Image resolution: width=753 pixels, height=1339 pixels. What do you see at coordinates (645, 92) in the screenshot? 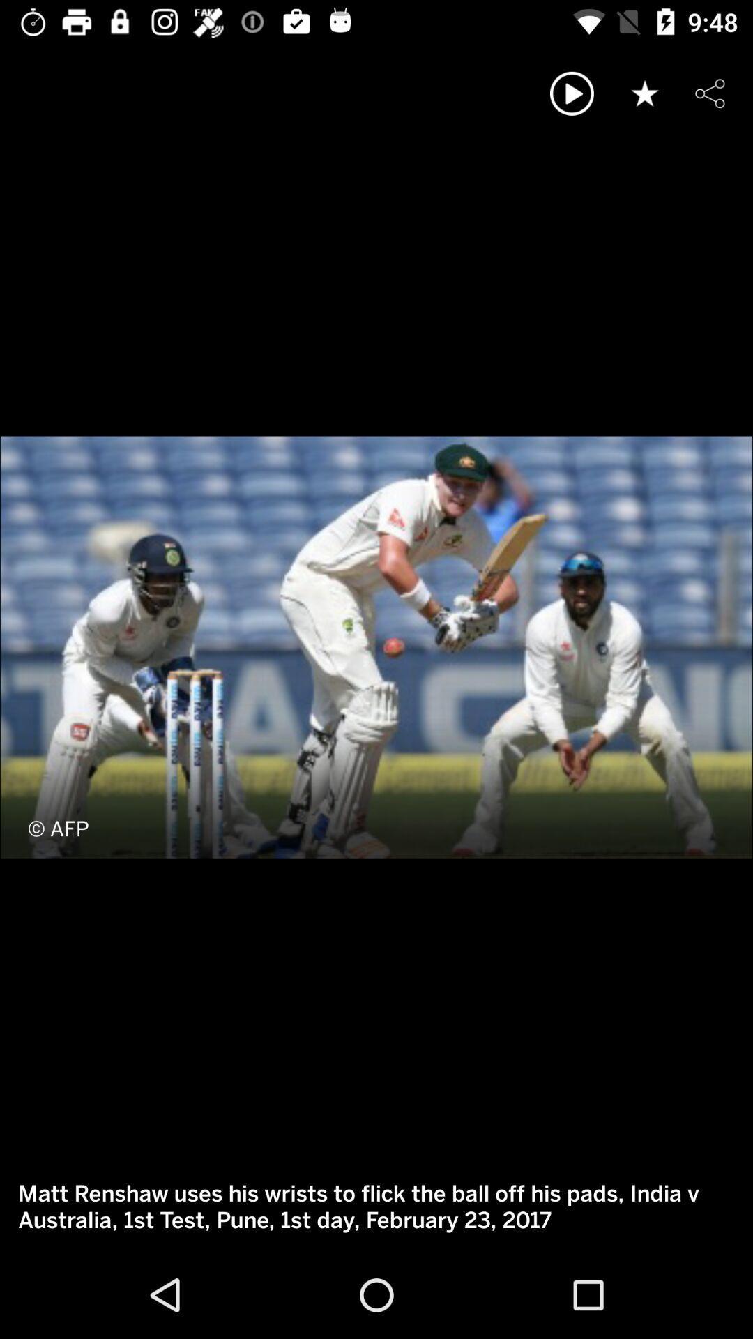
I see `the star icon` at bounding box center [645, 92].